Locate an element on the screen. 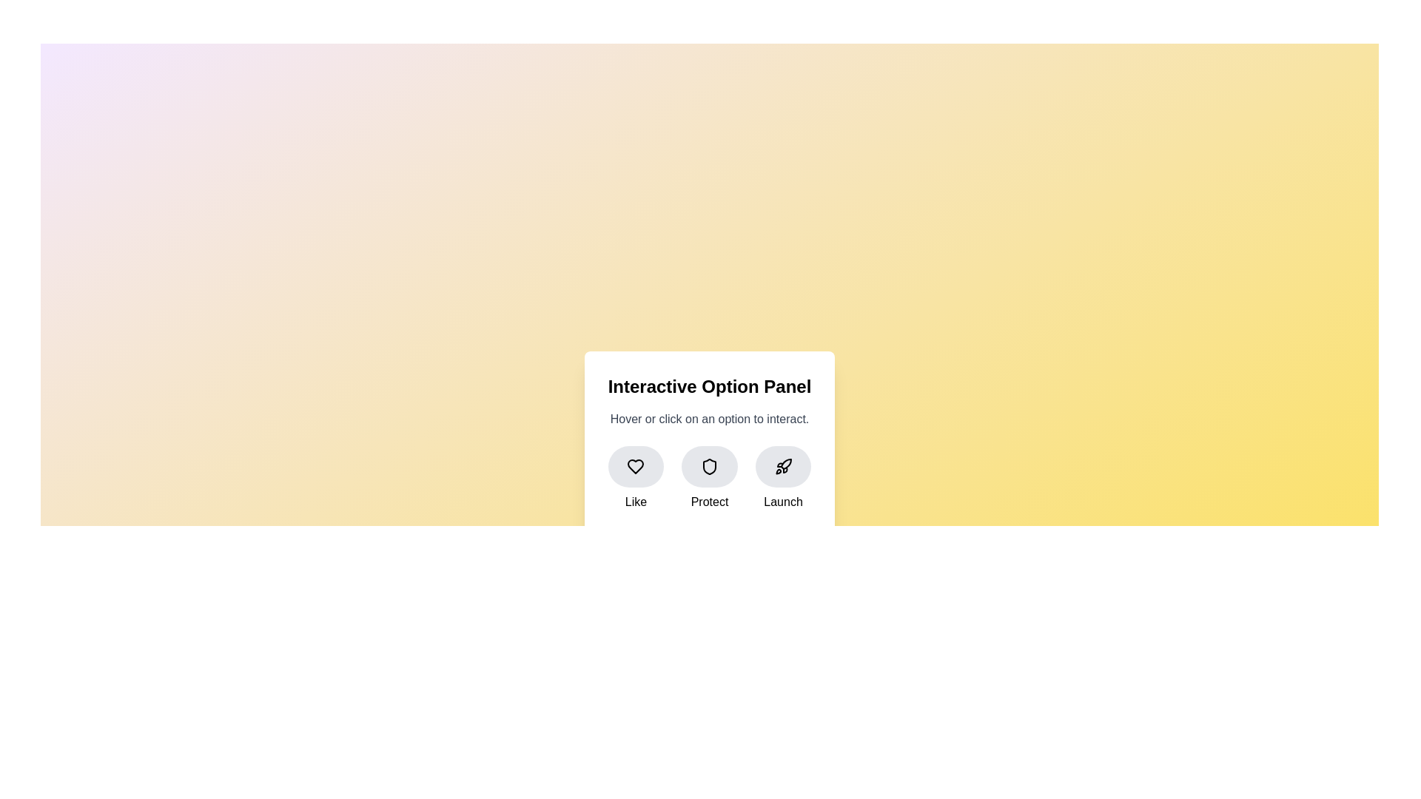 The width and height of the screenshot is (1421, 799). the circular button with a light gray background and a shield icon in the center, which is the middle button of three horizontally aligned buttons on an interactive panel is located at coordinates (709, 467).